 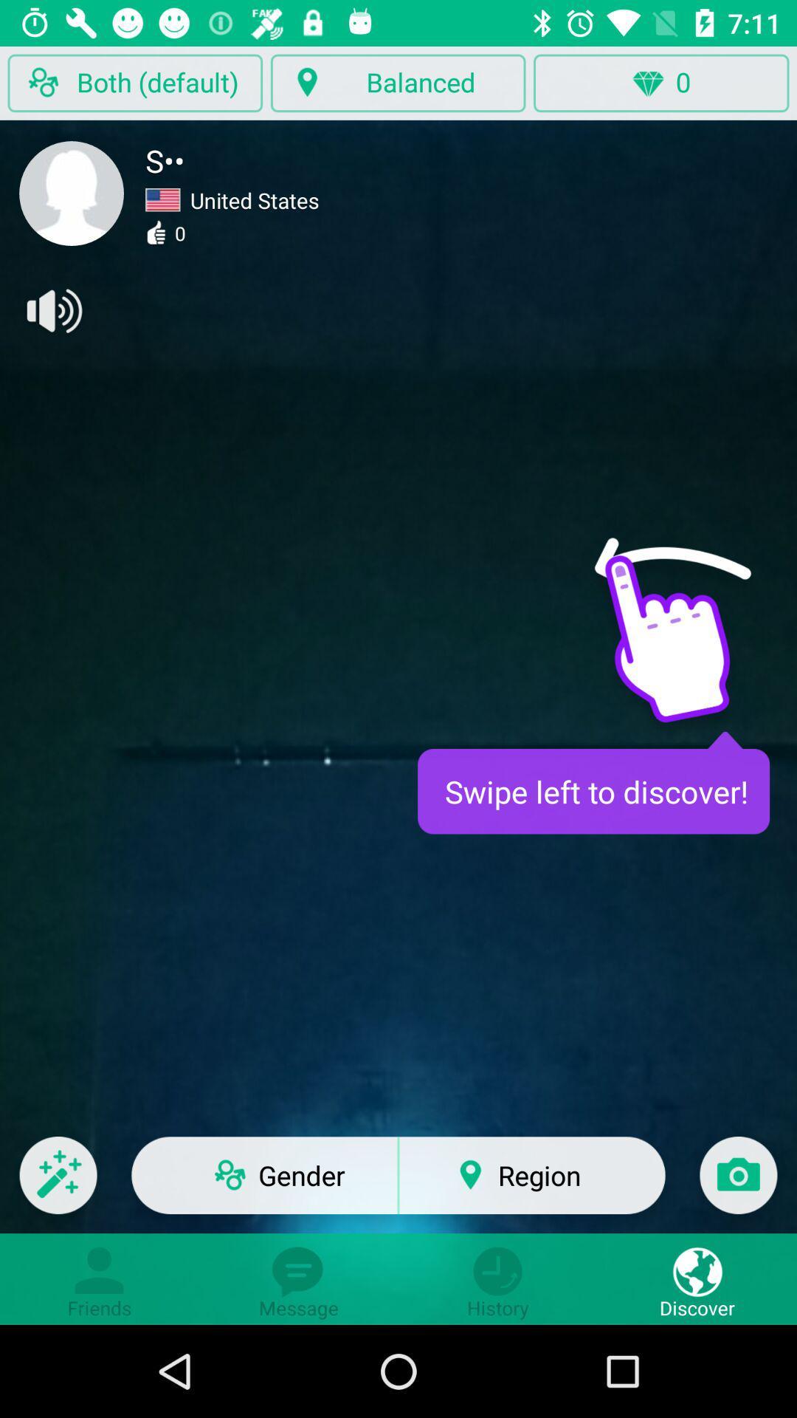 What do you see at coordinates (52, 310) in the screenshot?
I see `sound on sound off` at bounding box center [52, 310].